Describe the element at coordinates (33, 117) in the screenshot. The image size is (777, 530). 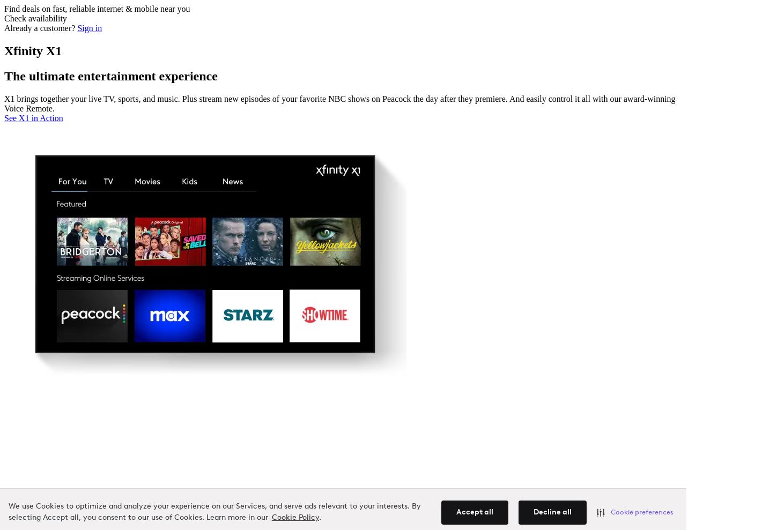
I see `'See X1 in Action'` at that location.